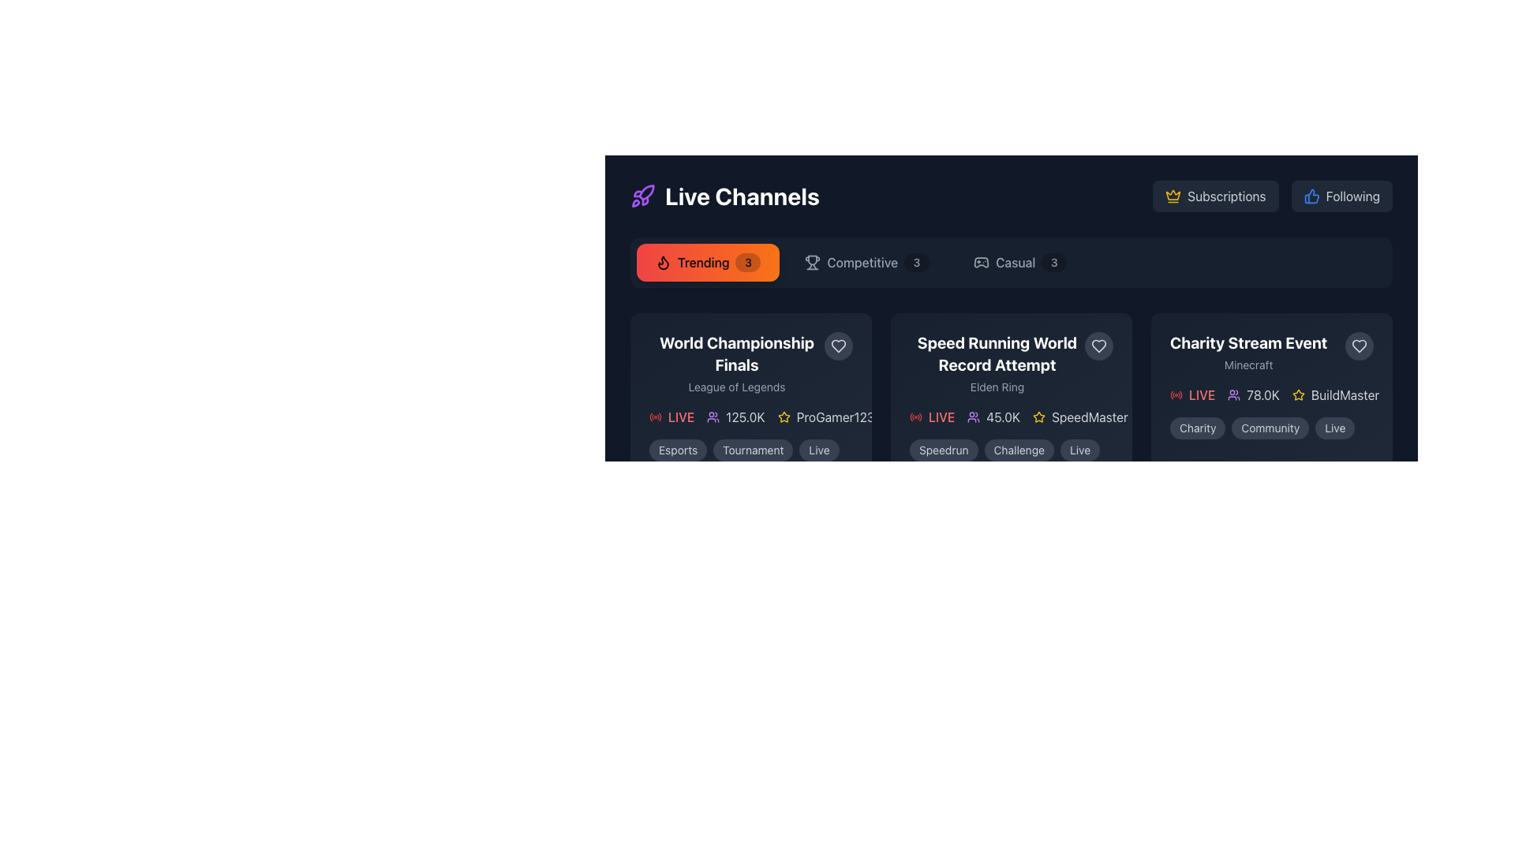 This screenshot has height=852, width=1515. What do you see at coordinates (681, 416) in the screenshot?
I see `the text label displaying 'LIVE' in red font` at bounding box center [681, 416].